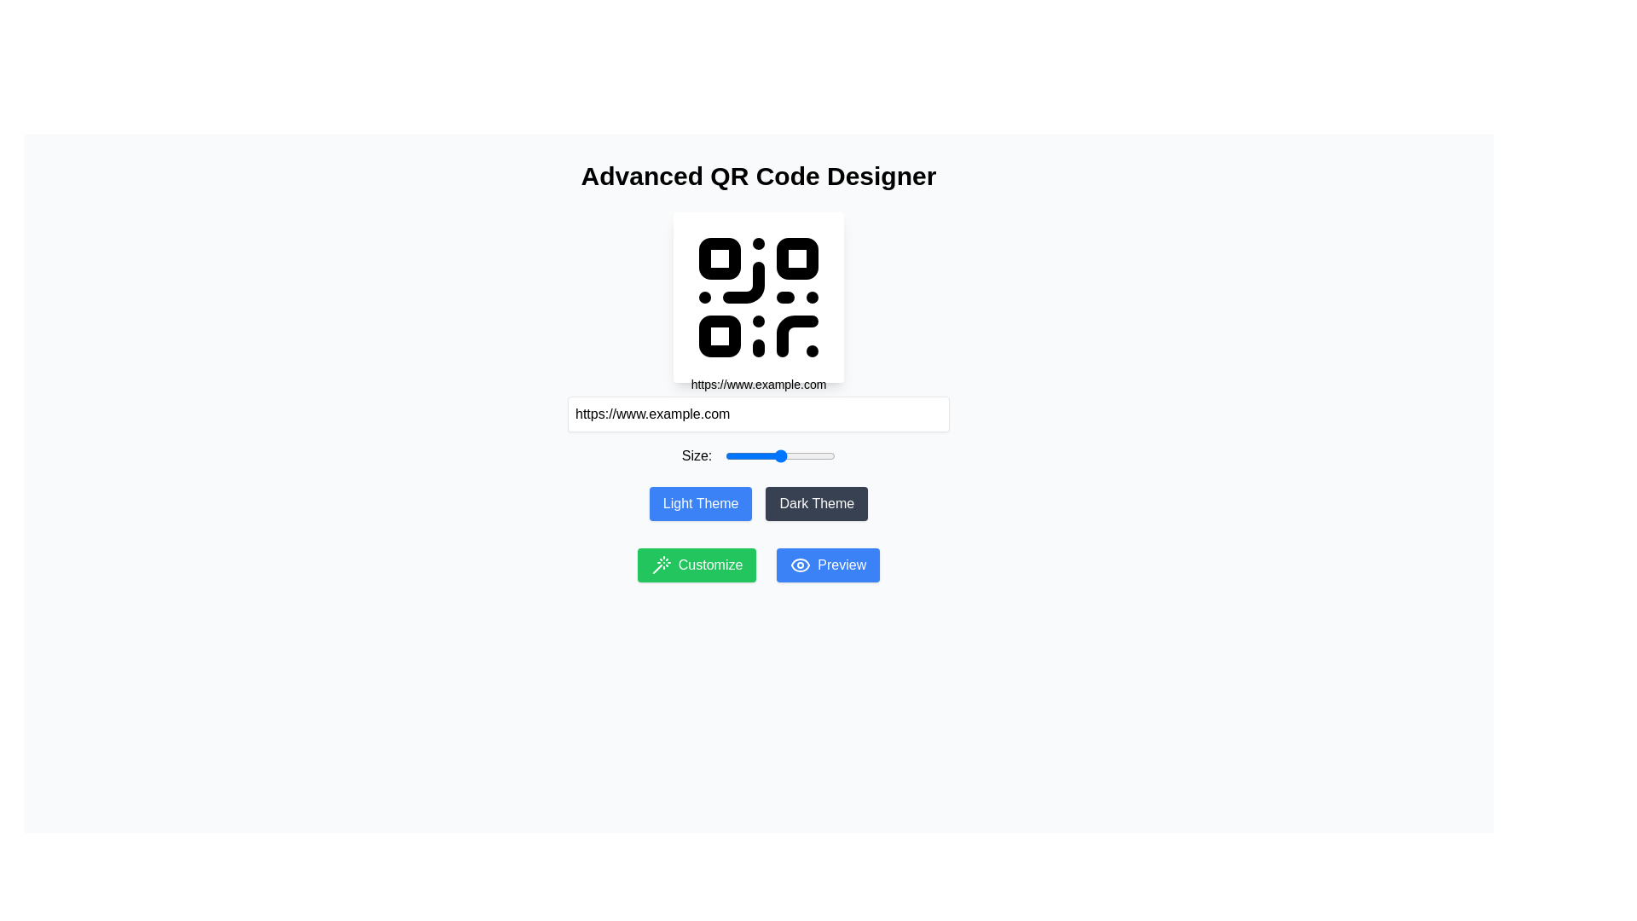  I want to click on the customizable operation trigger button located near the bottom left of the interface, so click(660, 565).